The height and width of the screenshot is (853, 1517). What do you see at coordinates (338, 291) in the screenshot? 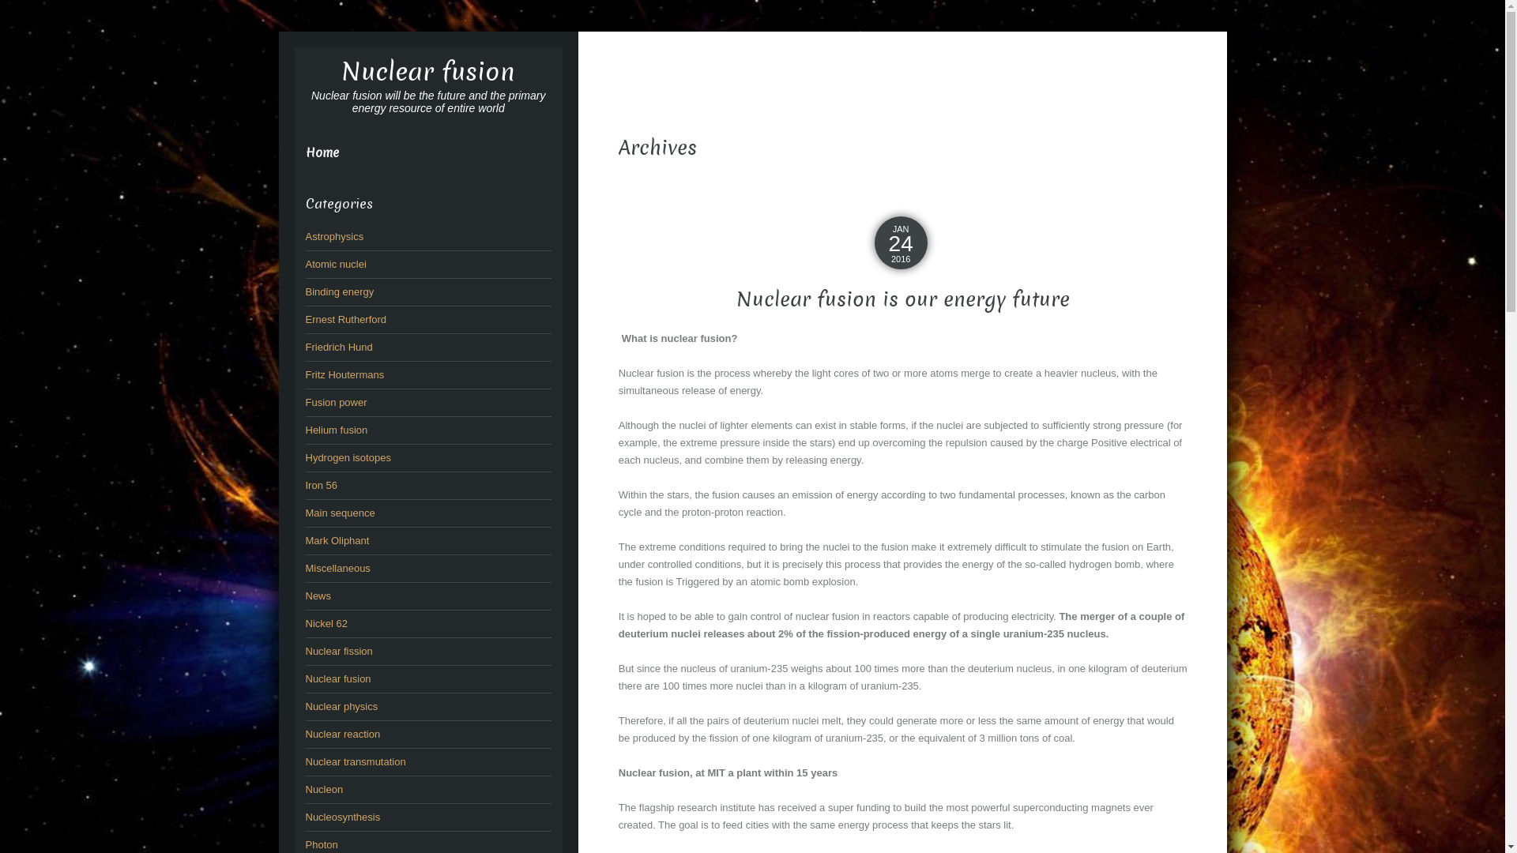
I see `'Binding energy'` at bounding box center [338, 291].